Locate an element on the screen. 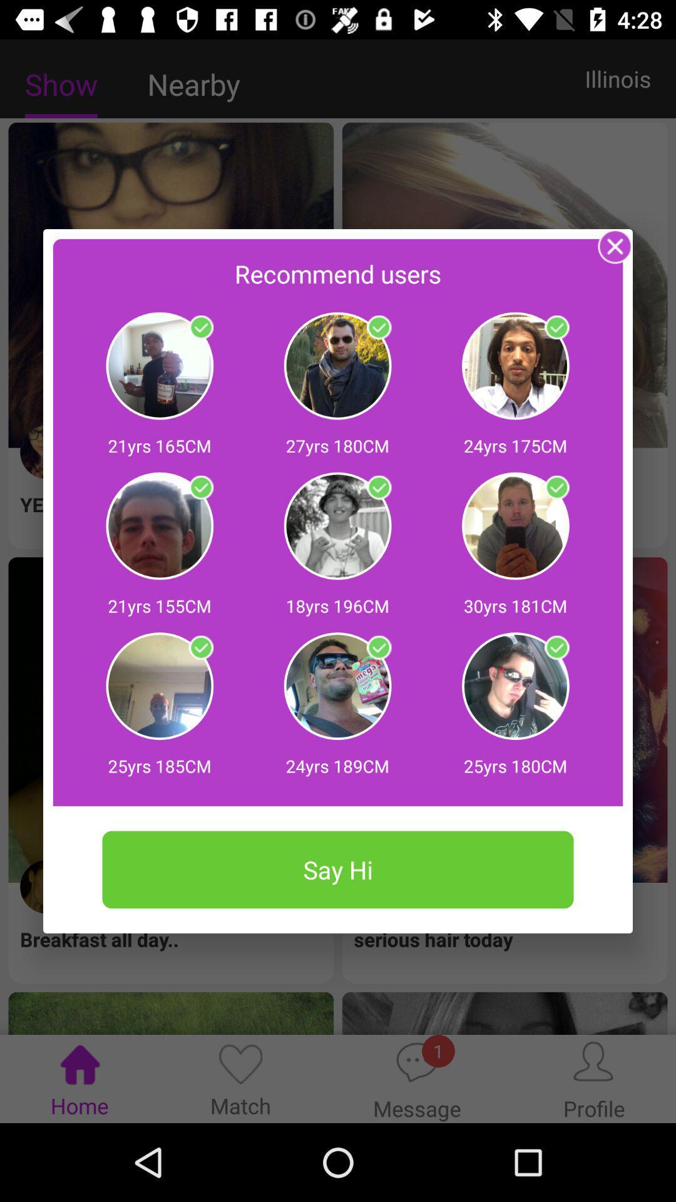 The width and height of the screenshot is (676, 1202). unchecked user is located at coordinates (200, 648).